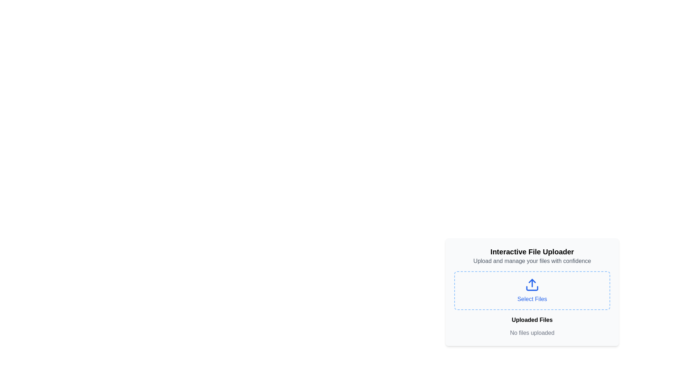  I want to click on the 'Select Files' button located centrally below the header 'Interactive File Uploader', so click(532, 290).